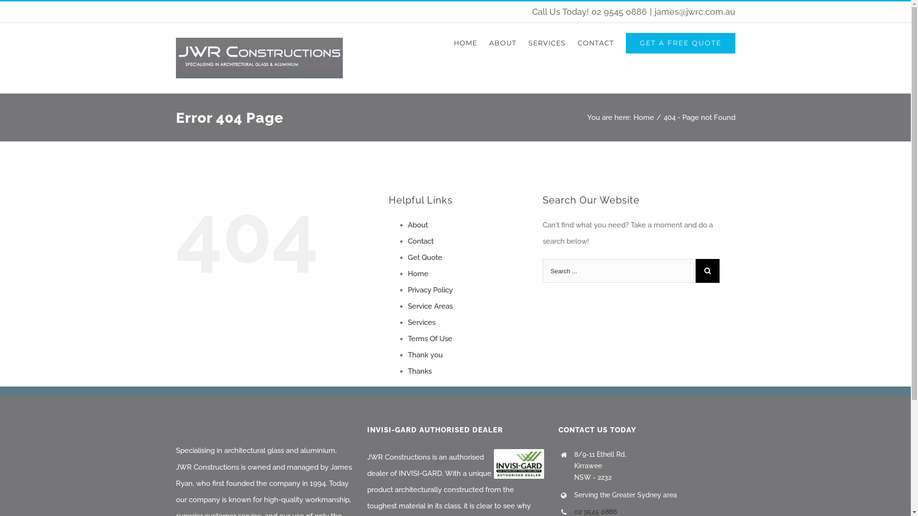 The image size is (918, 516). Describe the element at coordinates (429, 306) in the screenshot. I see `'Service Areas'` at that location.